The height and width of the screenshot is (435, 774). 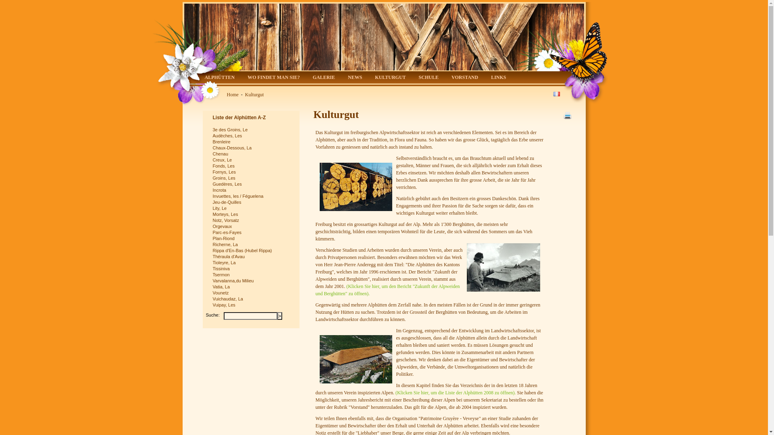 I want to click on 'Chaux-Dessous, La', so click(x=252, y=148).